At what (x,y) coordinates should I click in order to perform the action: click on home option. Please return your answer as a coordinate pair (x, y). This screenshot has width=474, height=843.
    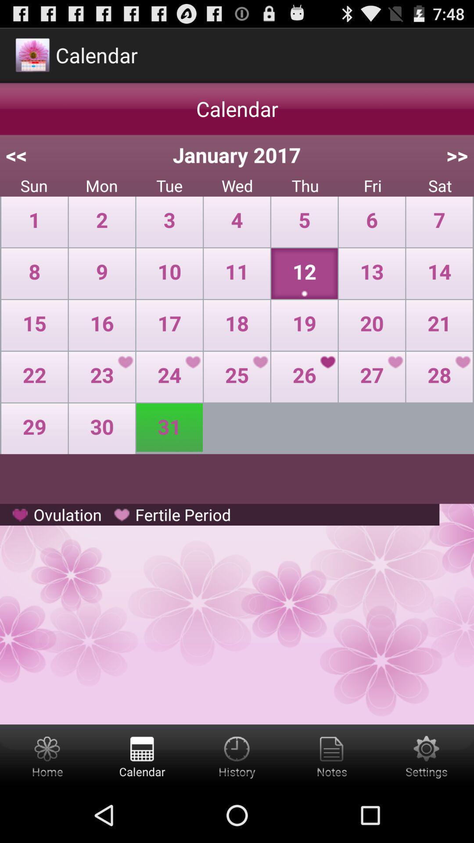
    Looking at the image, I should click on (47, 756).